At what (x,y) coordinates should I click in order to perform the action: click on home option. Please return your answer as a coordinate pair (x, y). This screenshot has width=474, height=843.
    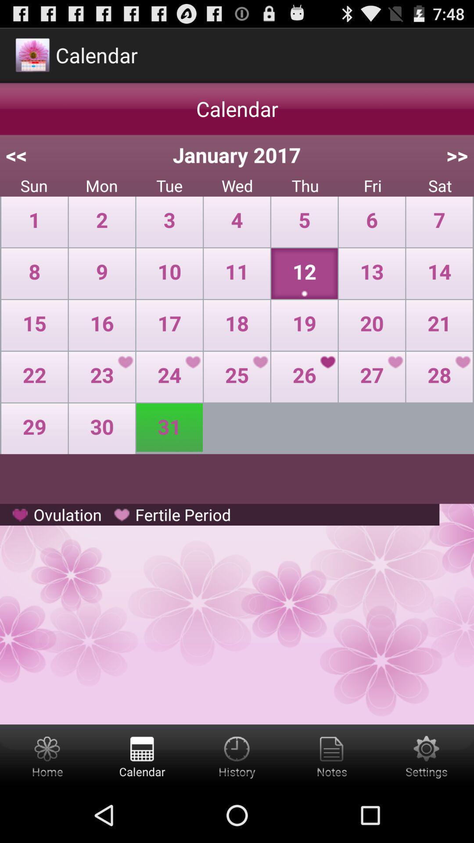
    Looking at the image, I should click on (47, 756).